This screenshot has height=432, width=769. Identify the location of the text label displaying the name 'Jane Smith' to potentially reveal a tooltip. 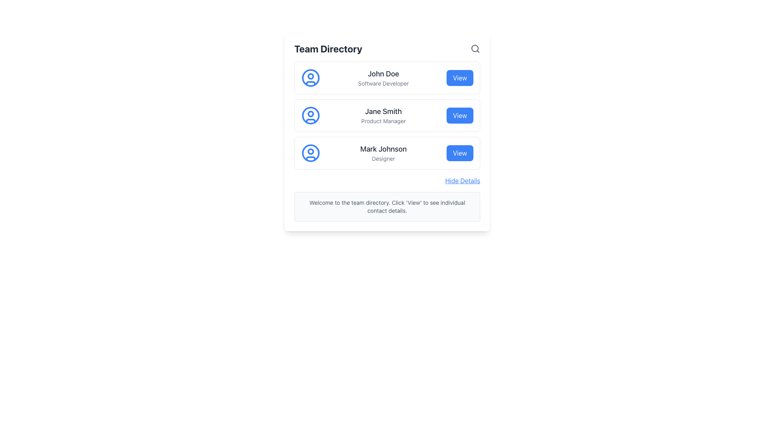
(383, 111).